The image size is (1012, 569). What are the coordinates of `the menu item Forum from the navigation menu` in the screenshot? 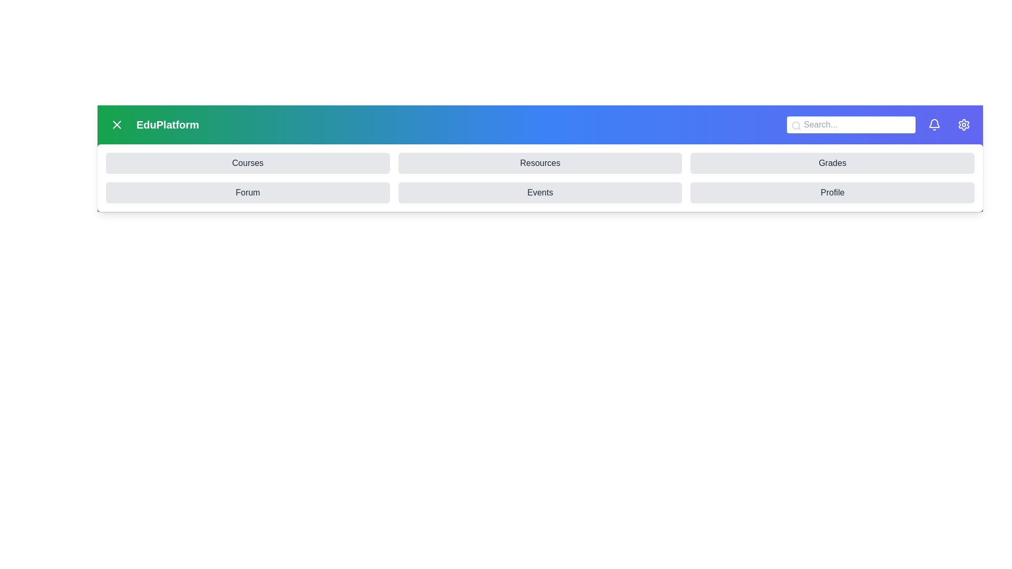 It's located at (247, 193).